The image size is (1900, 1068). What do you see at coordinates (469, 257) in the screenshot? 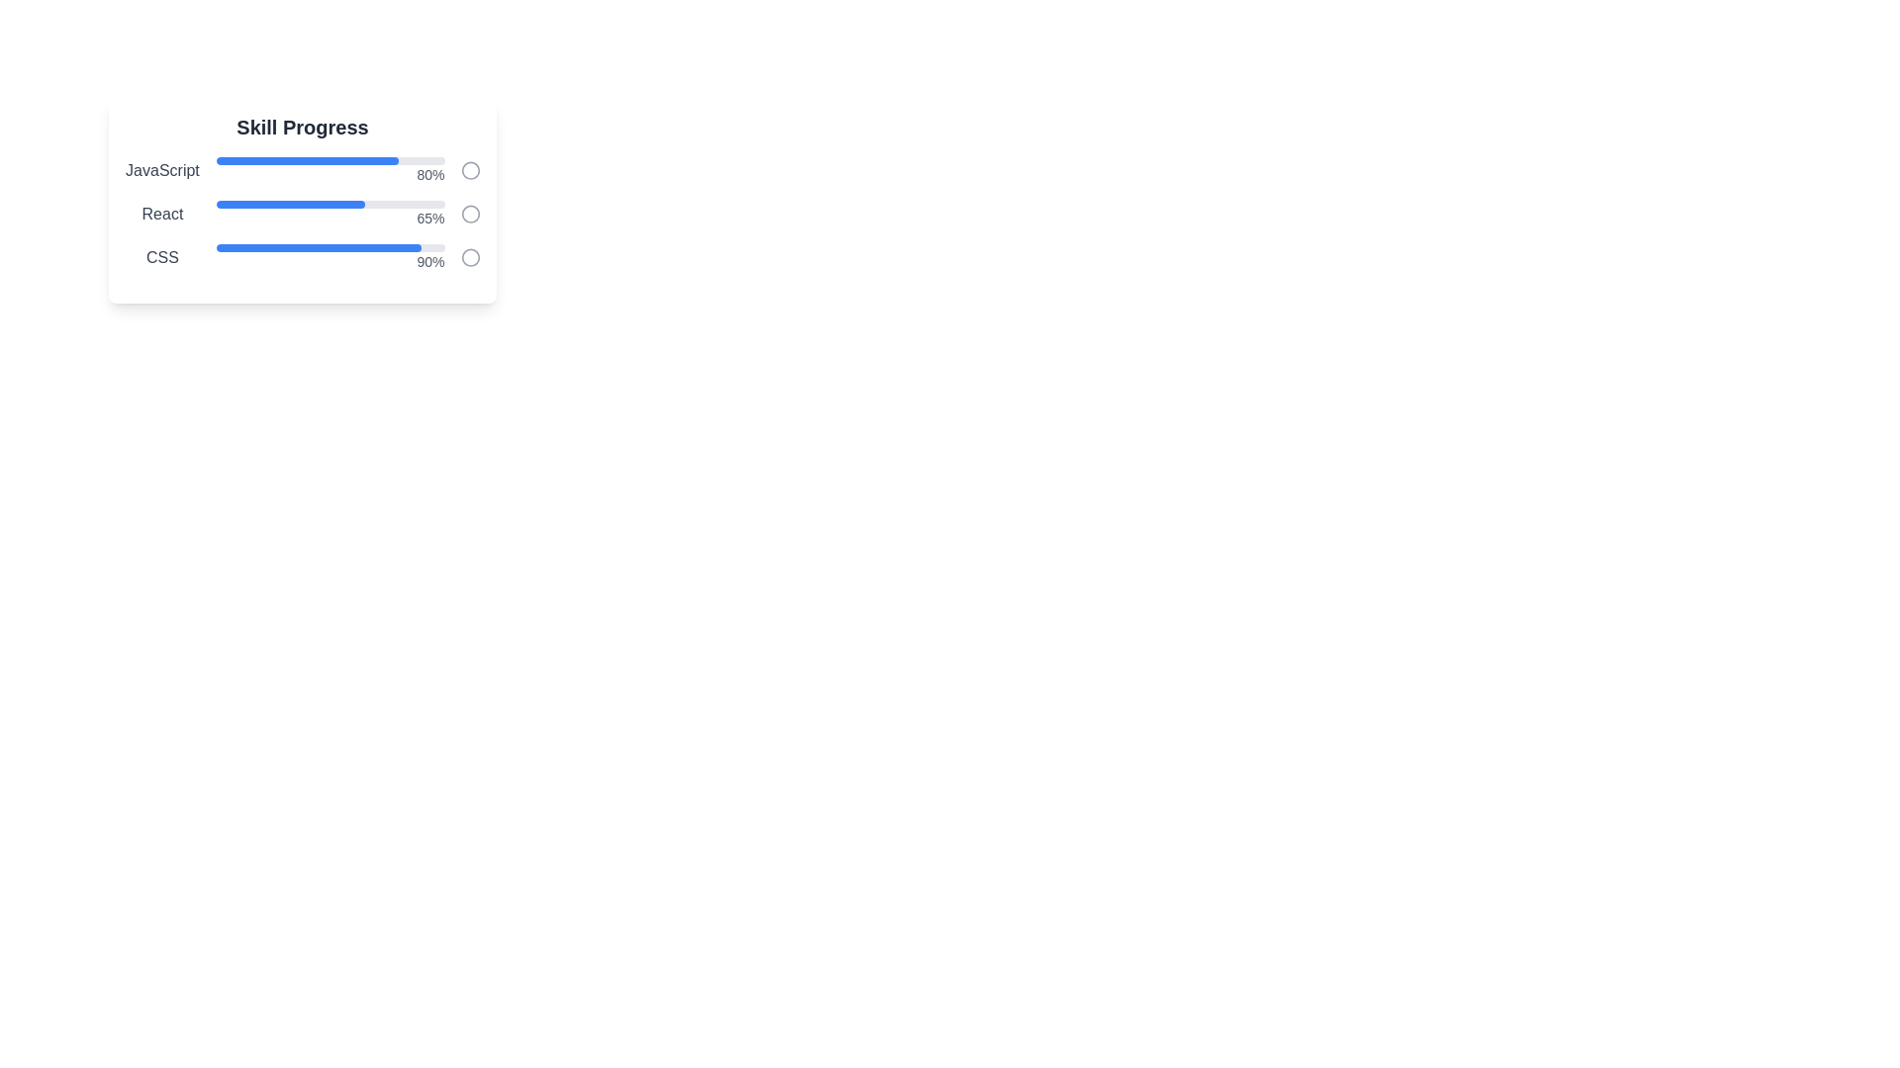
I see `the circular graphical marker located to the right of the 'CSS' skill in the skill progress card` at bounding box center [469, 257].